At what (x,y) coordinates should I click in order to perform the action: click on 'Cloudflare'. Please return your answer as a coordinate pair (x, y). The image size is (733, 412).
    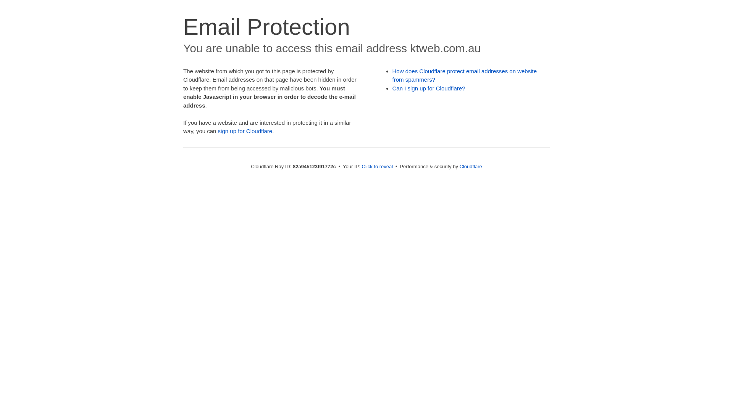
    Looking at the image, I should click on (459, 166).